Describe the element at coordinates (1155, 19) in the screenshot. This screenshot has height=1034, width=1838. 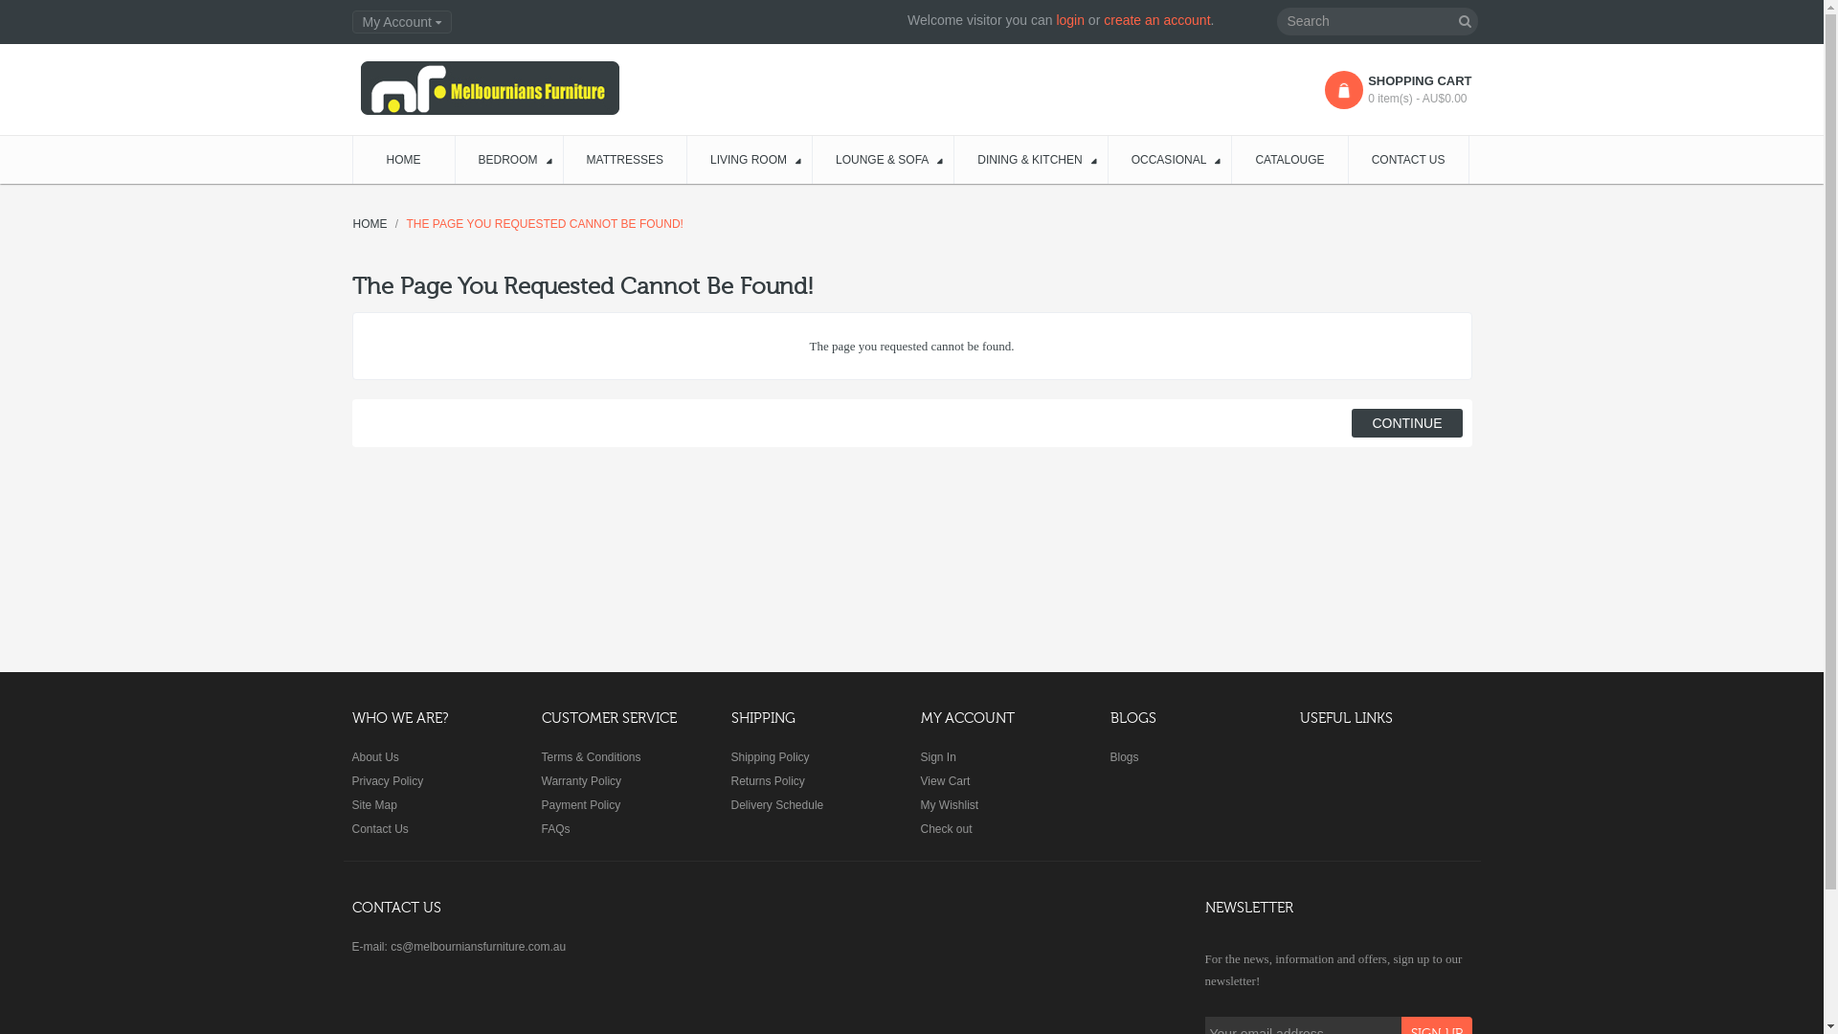
I see `'create an account'` at that location.